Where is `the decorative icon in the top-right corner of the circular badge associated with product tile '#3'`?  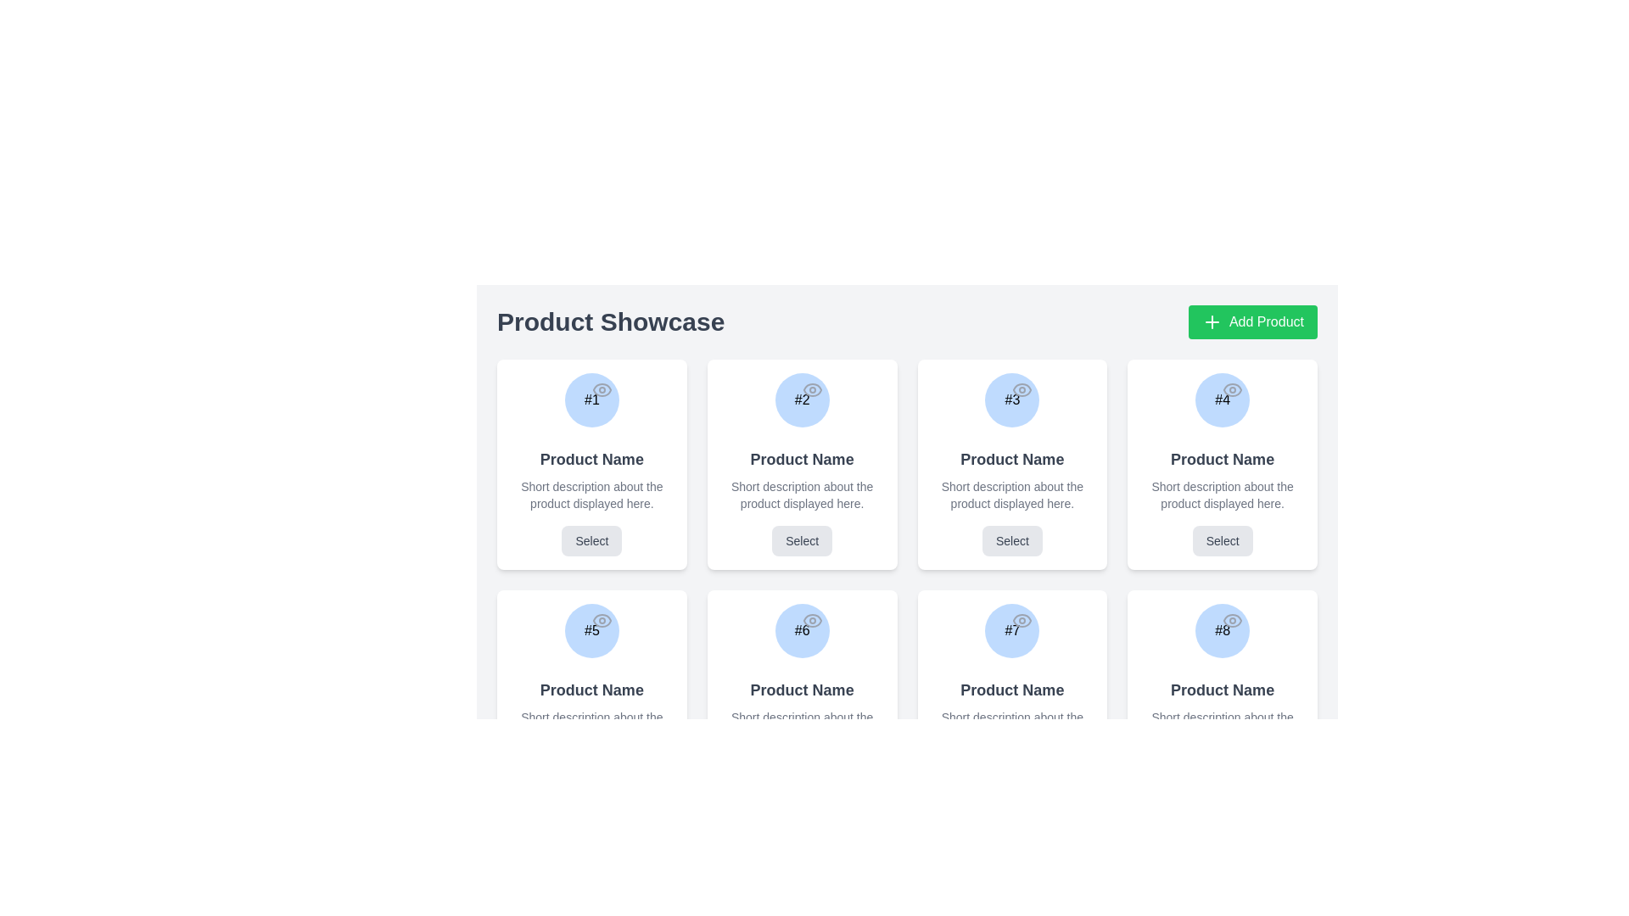
the decorative icon in the top-right corner of the circular badge associated with product tile '#3' is located at coordinates (1022, 389).